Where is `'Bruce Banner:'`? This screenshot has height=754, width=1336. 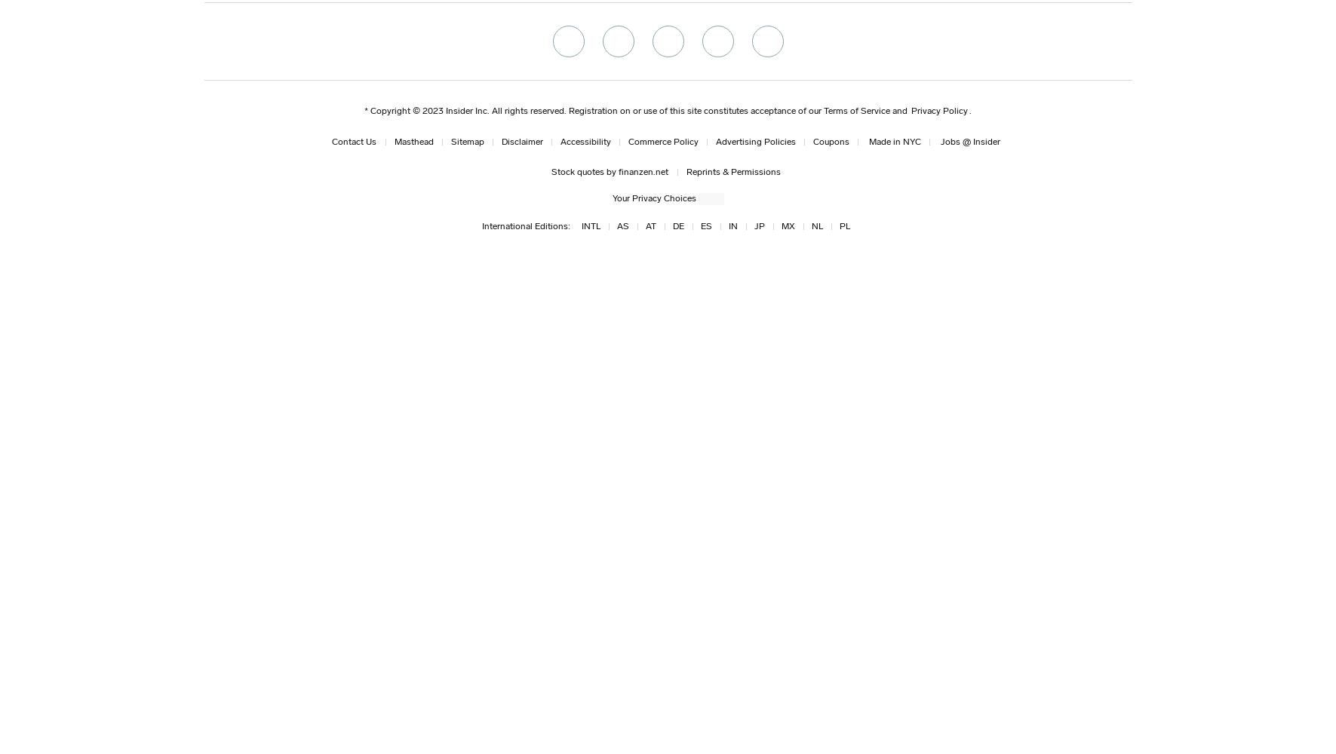
'Bruce Banner:' is located at coordinates (261, 17).